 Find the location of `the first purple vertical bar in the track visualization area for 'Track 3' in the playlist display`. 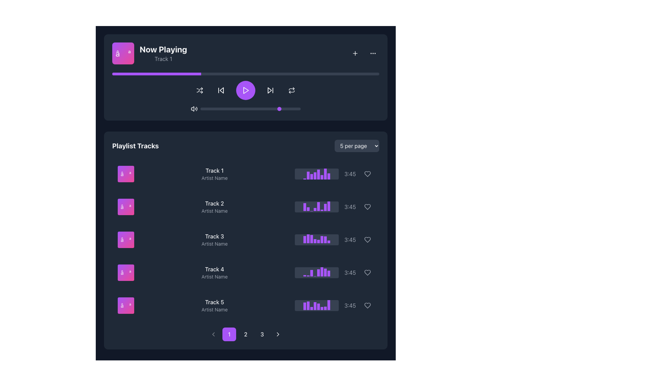

the first purple vertical bar in the track visualization area for 'Track 3' in the playlist display is located at coordinates (304, 239).